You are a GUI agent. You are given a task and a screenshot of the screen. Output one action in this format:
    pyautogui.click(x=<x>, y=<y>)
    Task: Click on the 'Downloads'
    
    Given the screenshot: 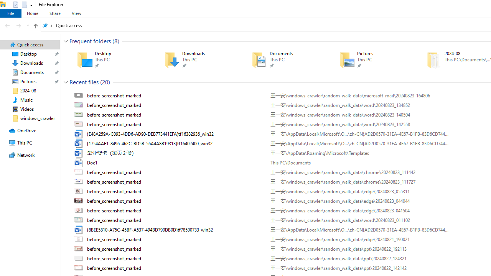 What is the action you would take?
    pyautogui.click(x=197, y=59)
    